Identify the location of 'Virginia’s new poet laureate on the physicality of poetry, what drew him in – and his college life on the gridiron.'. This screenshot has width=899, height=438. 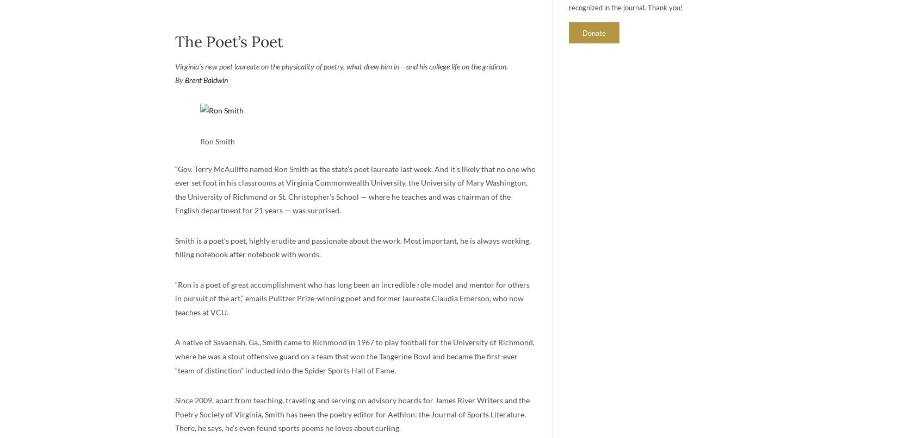
(340, 65).